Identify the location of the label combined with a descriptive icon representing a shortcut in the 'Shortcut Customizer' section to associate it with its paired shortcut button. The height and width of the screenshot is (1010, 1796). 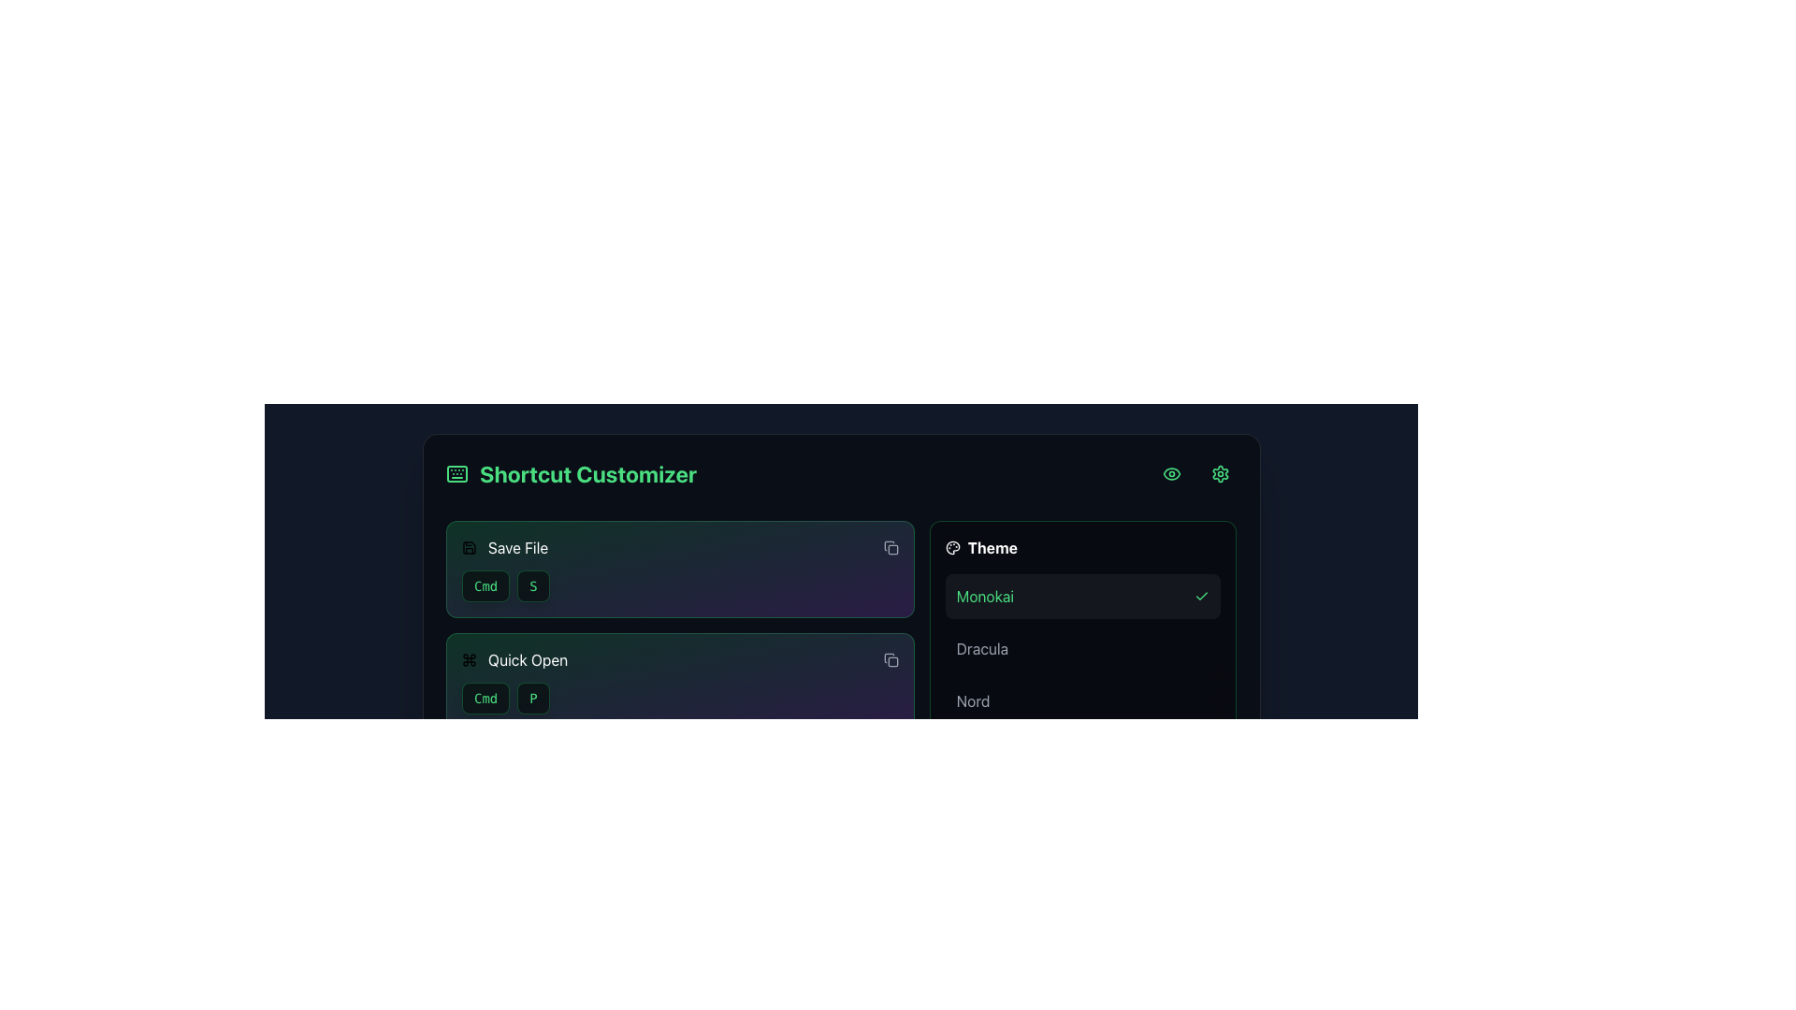
(514, 658).